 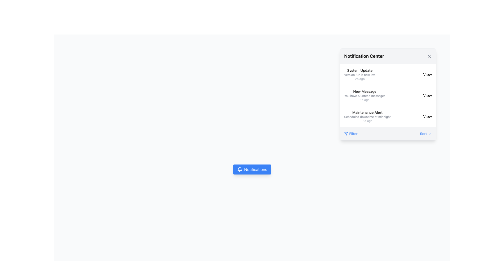 What do you see at coordinates (365, 91) in the screenshot?
I see `the text label reading 'New Message', which is styled in bold black font and positioned as the title of the second notification item in the notification center panel` at bounding box center [365, 91].